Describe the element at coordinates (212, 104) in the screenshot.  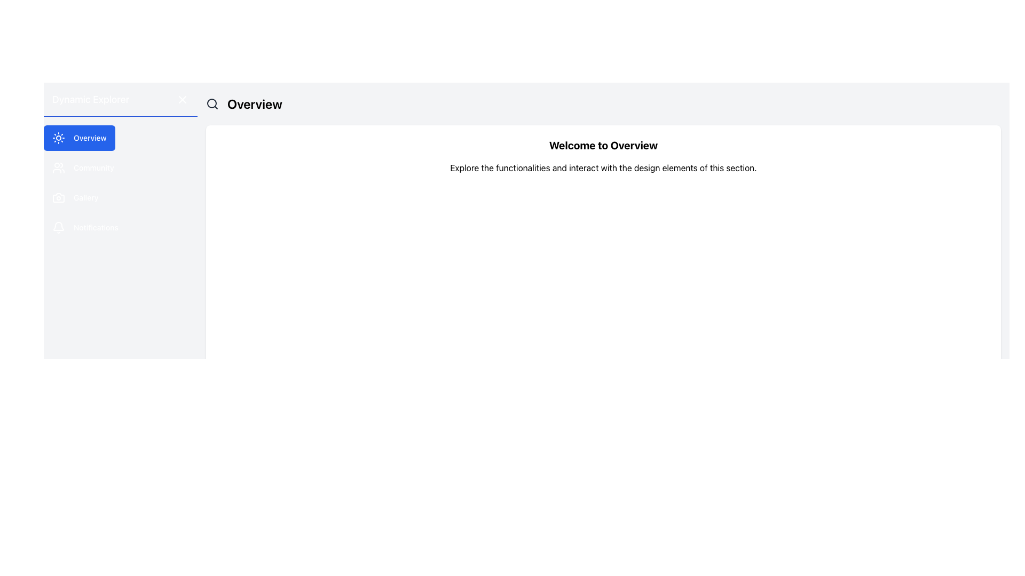
I see `the magnifying glass icon button, which is styled in black and represents a search function, located to the left of the text 'Overview' in the upper section of the interface` at that location.